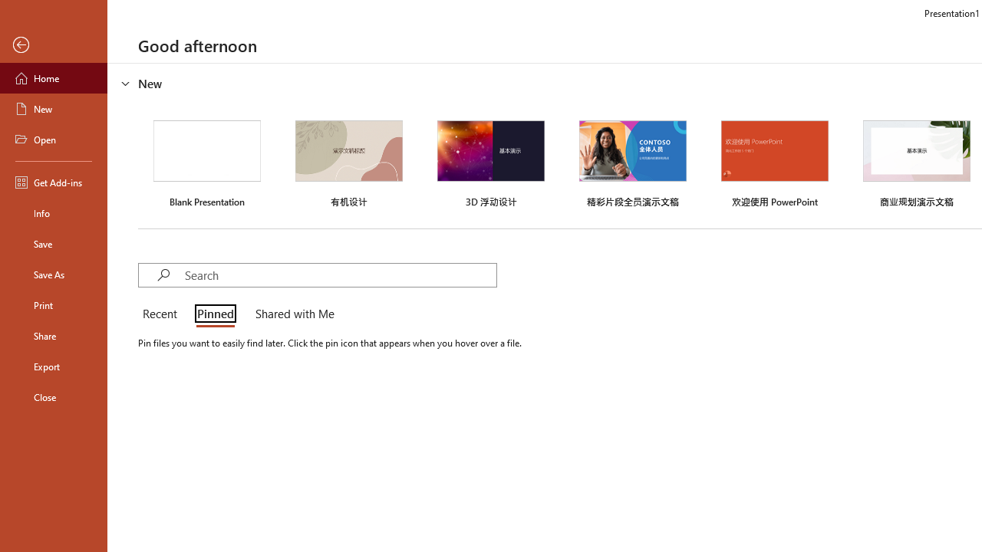 Image resolution: width=982 pixels, height=552 pixels. What do you see at coordinates (53, 140) in the screenshot?
I see `'Open'` at bounding box center [53, 140].